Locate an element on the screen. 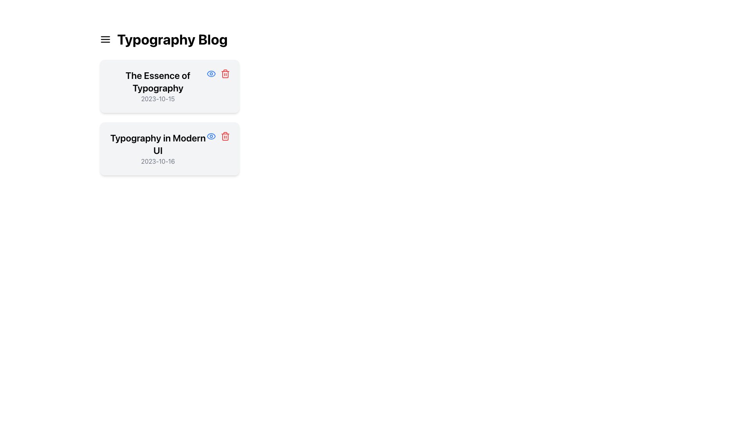 The image size is (750, 422). the date text label '2023-10-16' located beneath the title 'Typography in Modern UI', which is styled in gray and centrally aligned within its card component is located at coordinates (157, 161).